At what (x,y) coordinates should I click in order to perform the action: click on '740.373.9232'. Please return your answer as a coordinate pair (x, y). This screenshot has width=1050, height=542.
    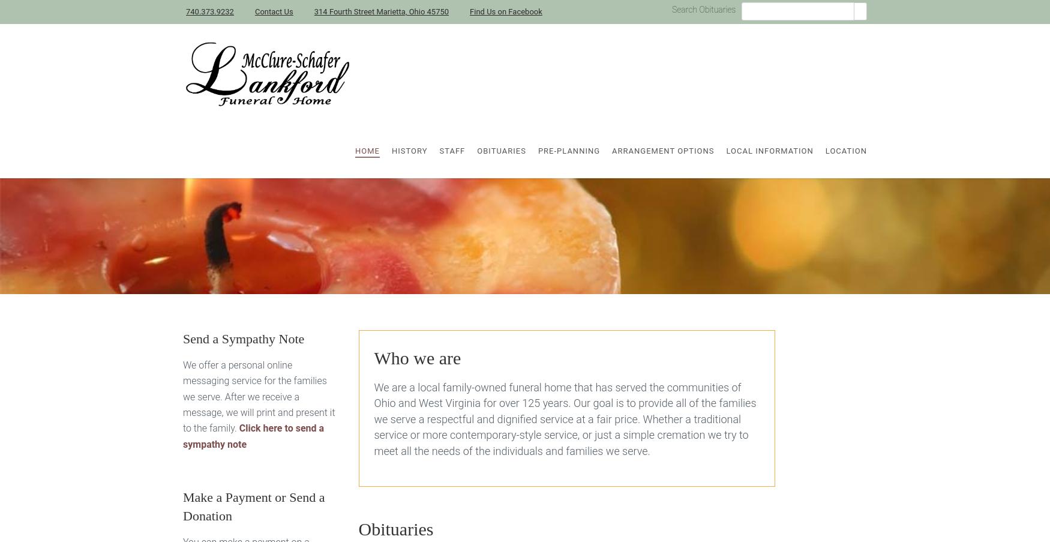
    Looking at the image, I should click on (209, 11).